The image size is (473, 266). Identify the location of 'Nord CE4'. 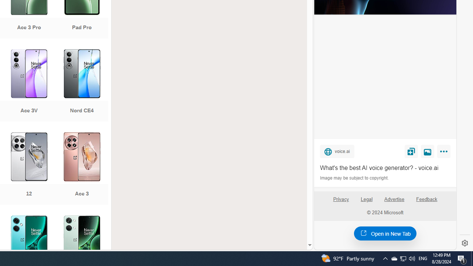
(82, 86).